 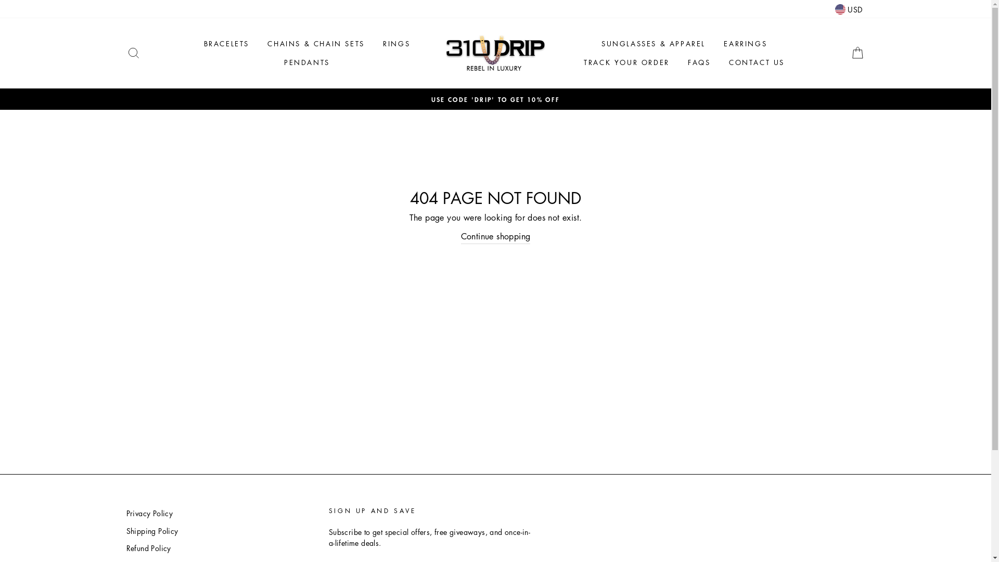 What do you see at coordinates (260, 43) in the screenshot?
I see `'CHAINS & CHAIN SETS'` at bounding box center [260, 43].